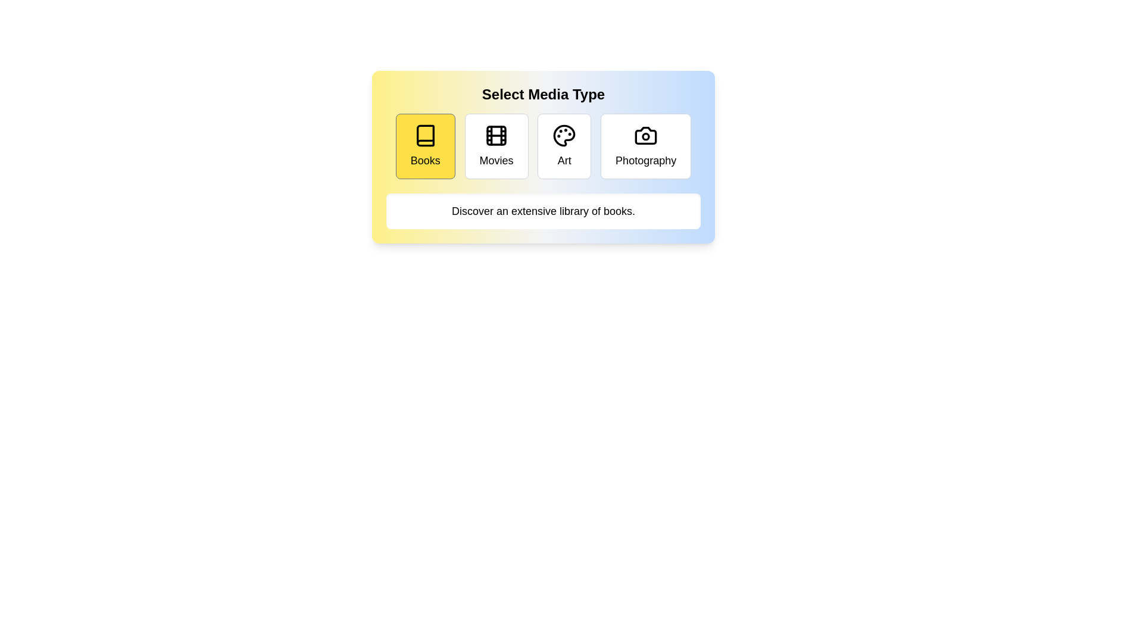 The height and width of the screenshot is (643, 1143). I want to click on the media type Art by clicking the corresponding button, so click(564, 146).